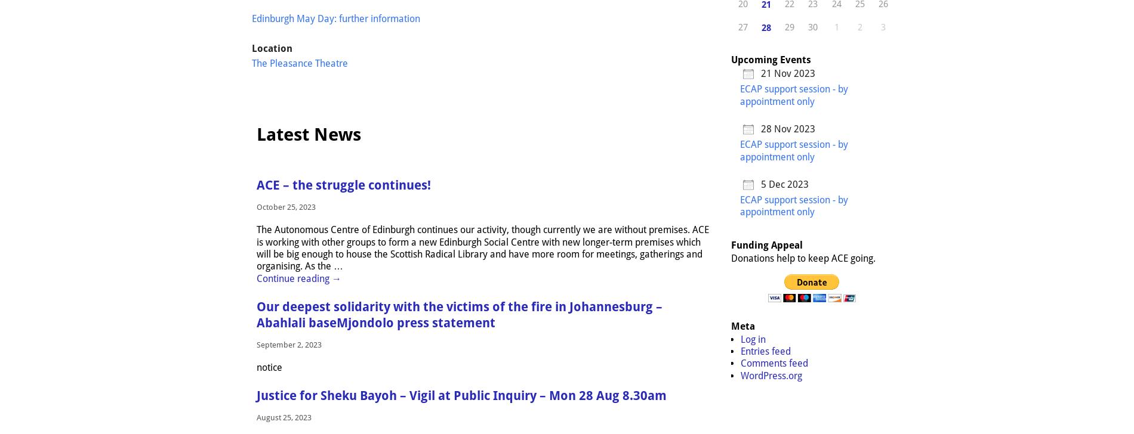 Image resolution: width=1134 pixels, height=434 pixels. I want to click on 'Meta', so click(742, 325).